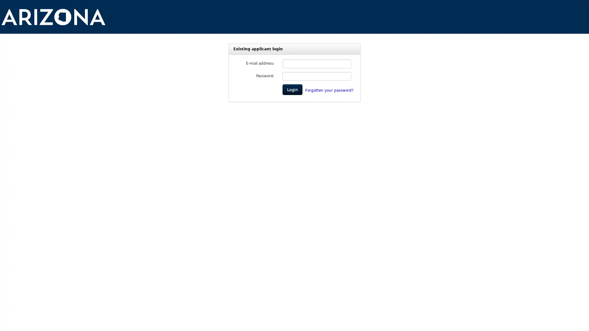  I want to click on Login, so click(292, 89).